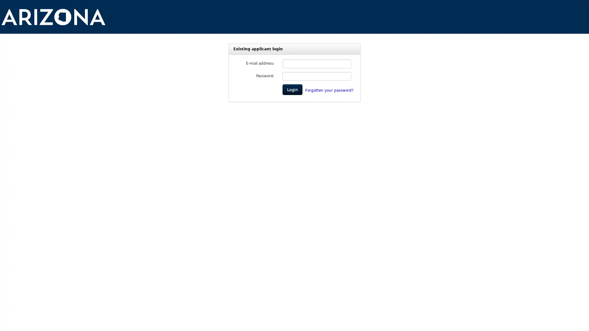  I want to click on Login, so click(292, 89).